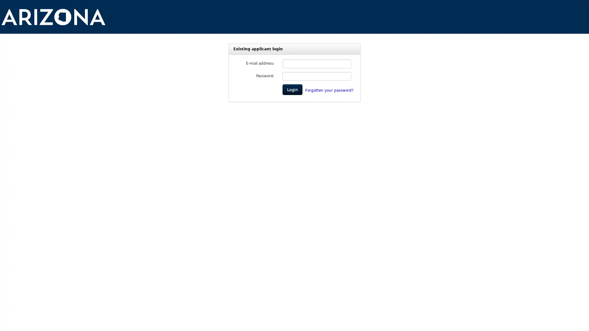  I want to click on Login, so click(292, 89).